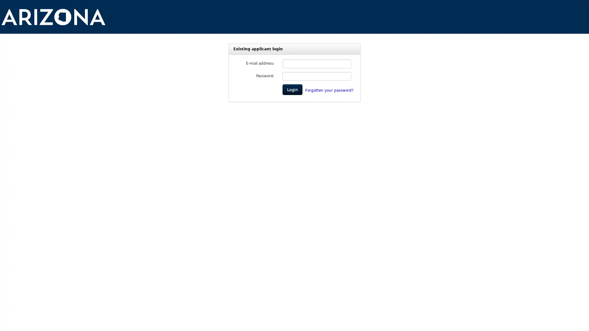  I want to click on Login, so click(292, 89).